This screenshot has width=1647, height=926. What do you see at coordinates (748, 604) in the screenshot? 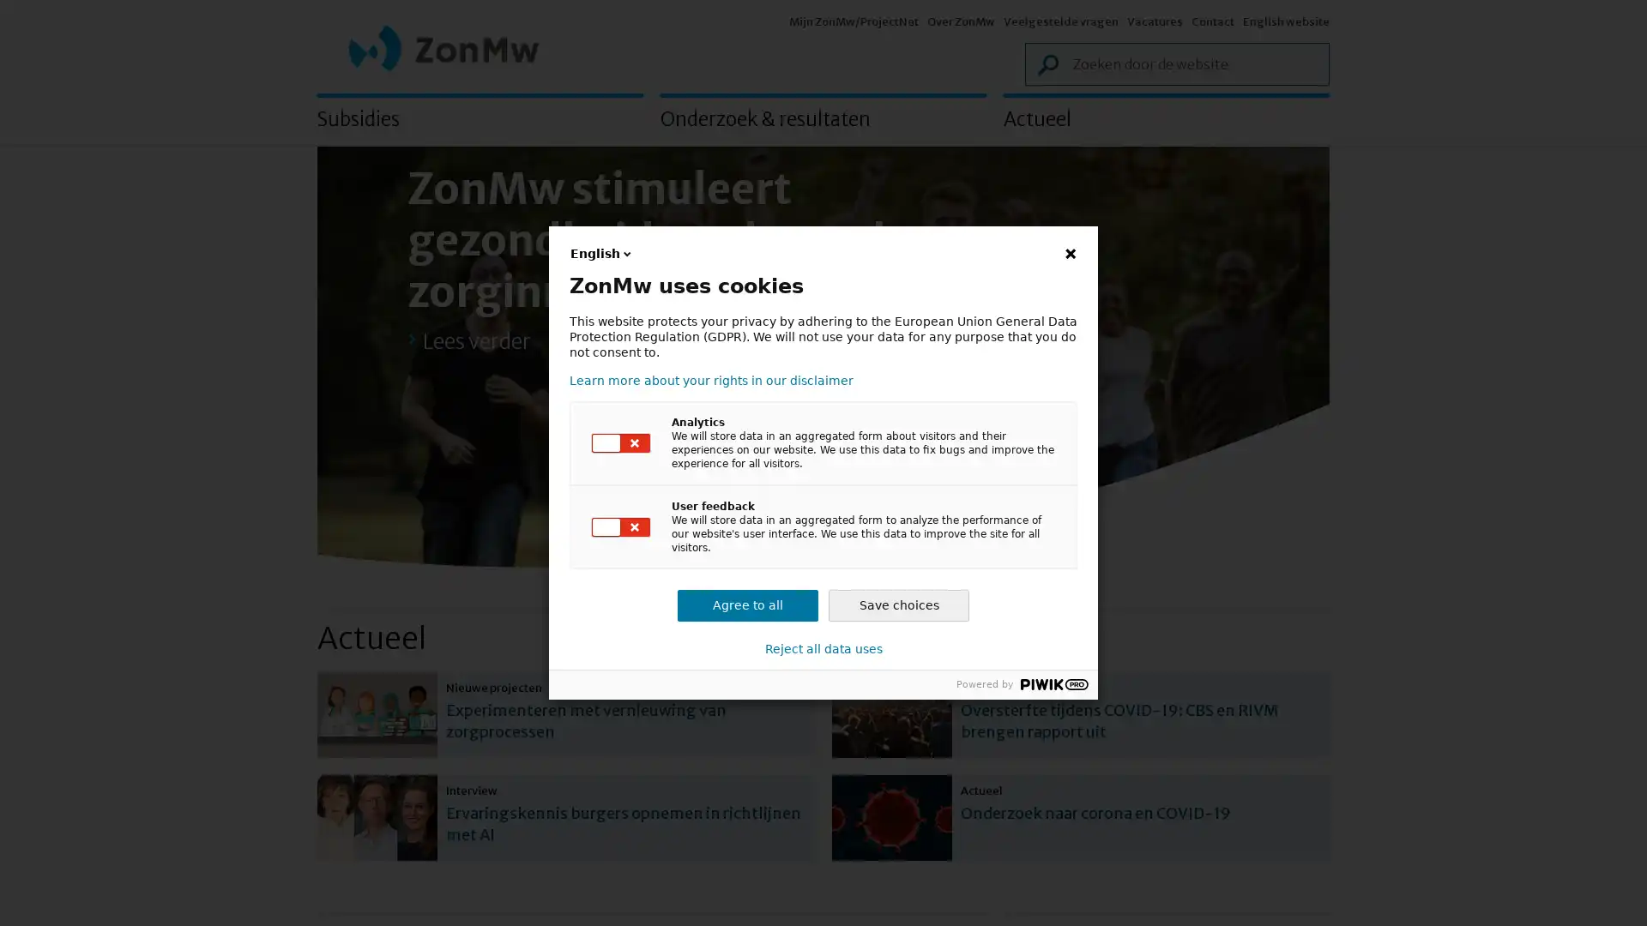
I see `Agree to all` at bounding box center [748, 604].